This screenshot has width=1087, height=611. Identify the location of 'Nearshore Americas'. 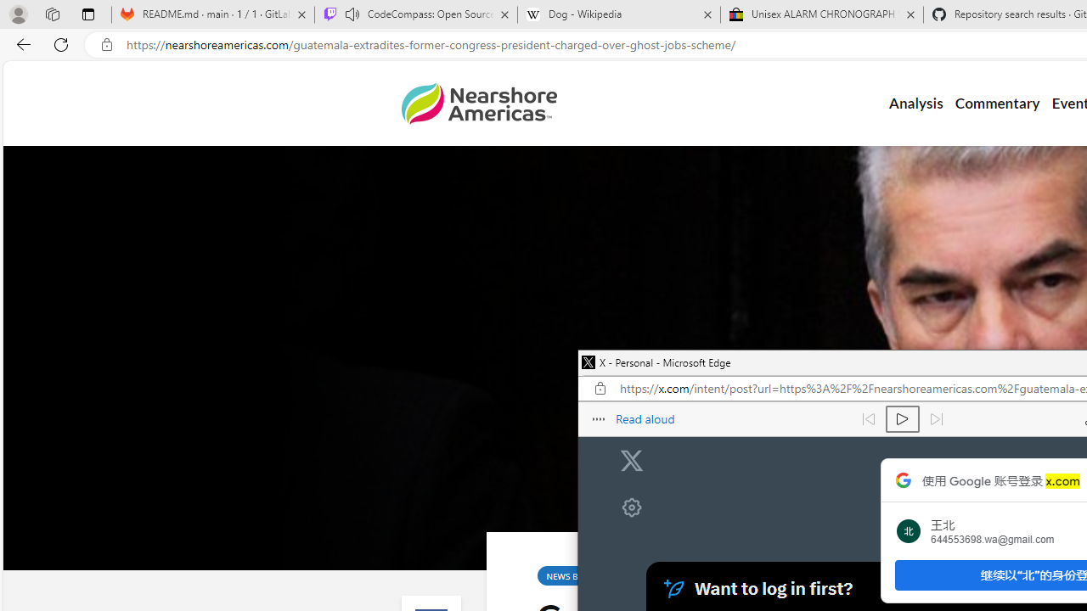
(477, 104).